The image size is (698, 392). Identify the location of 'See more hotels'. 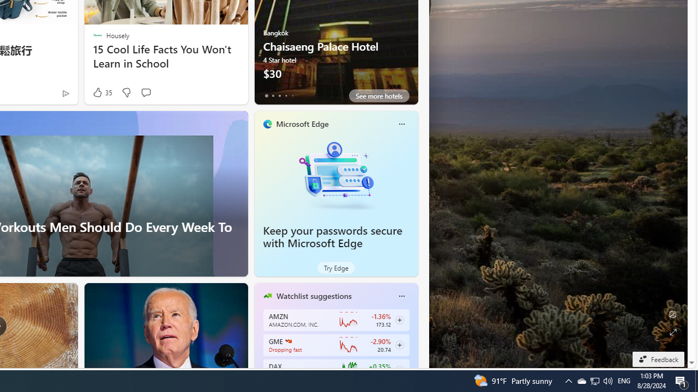
(379, 95).